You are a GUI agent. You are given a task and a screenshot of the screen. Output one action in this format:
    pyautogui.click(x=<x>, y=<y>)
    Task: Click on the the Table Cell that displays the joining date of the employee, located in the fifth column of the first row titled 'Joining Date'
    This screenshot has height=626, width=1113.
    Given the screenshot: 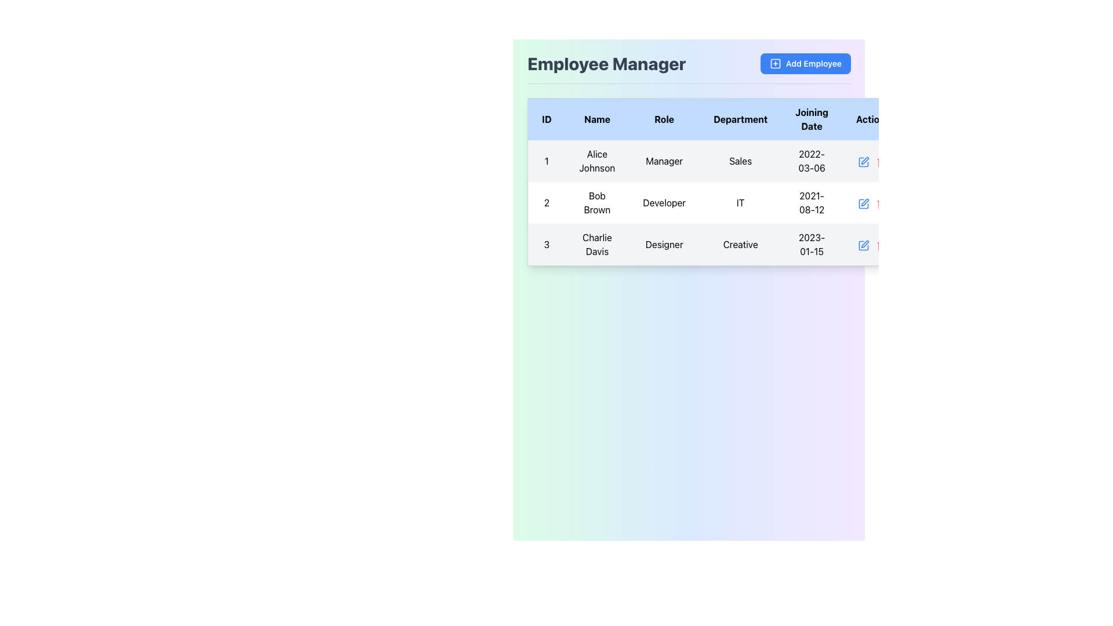 What is the action you would take?
    pyautogui.click(x=811, y=161)
    